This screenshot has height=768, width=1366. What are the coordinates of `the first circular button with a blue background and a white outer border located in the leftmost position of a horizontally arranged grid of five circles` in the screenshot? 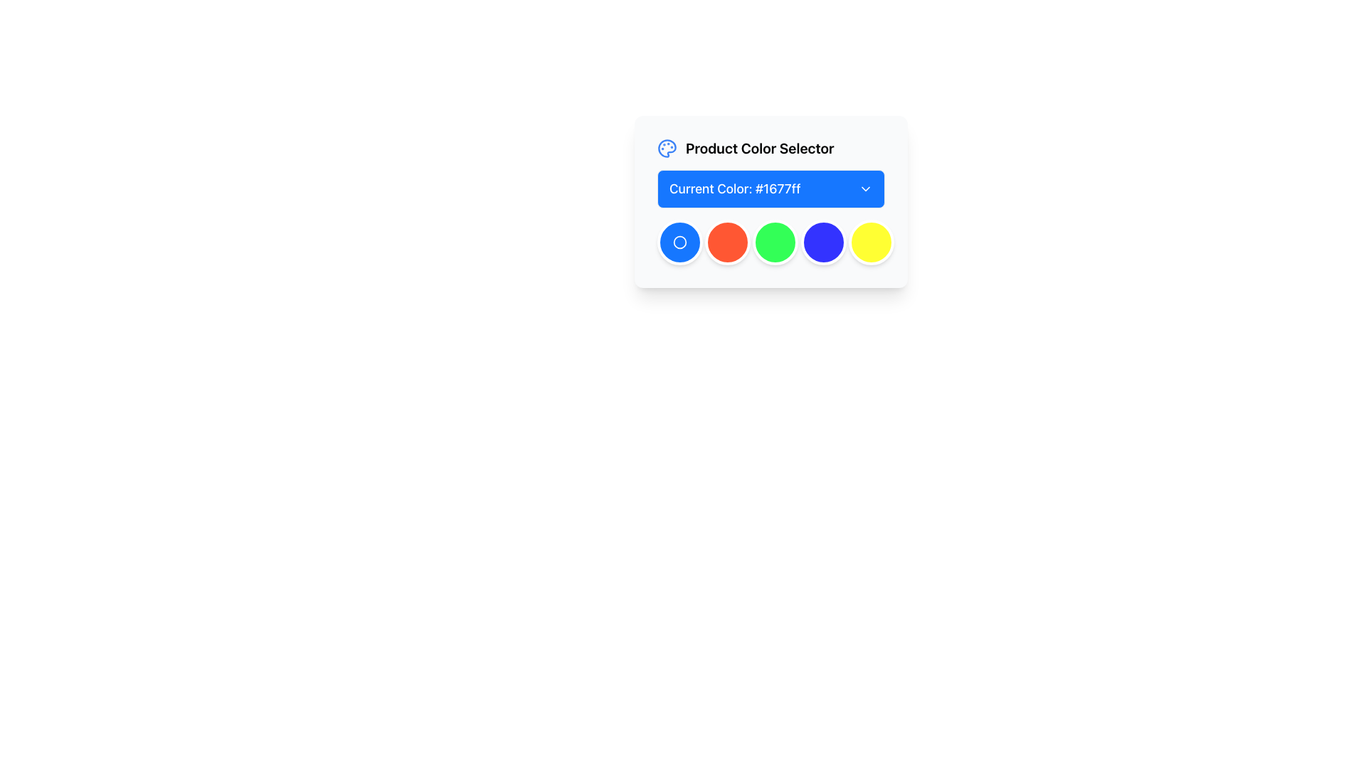 It's located at (679, 241).